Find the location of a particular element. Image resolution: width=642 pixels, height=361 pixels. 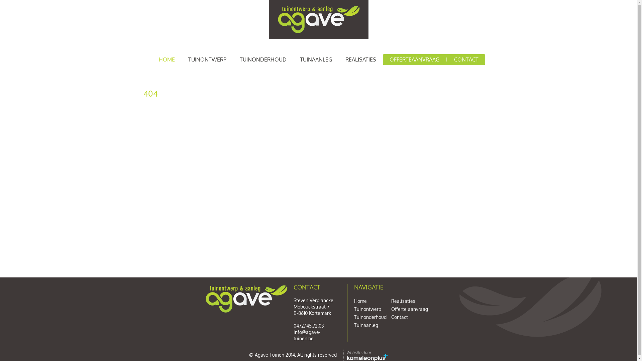

'CONTACT' is located at coordinates (447, 59).